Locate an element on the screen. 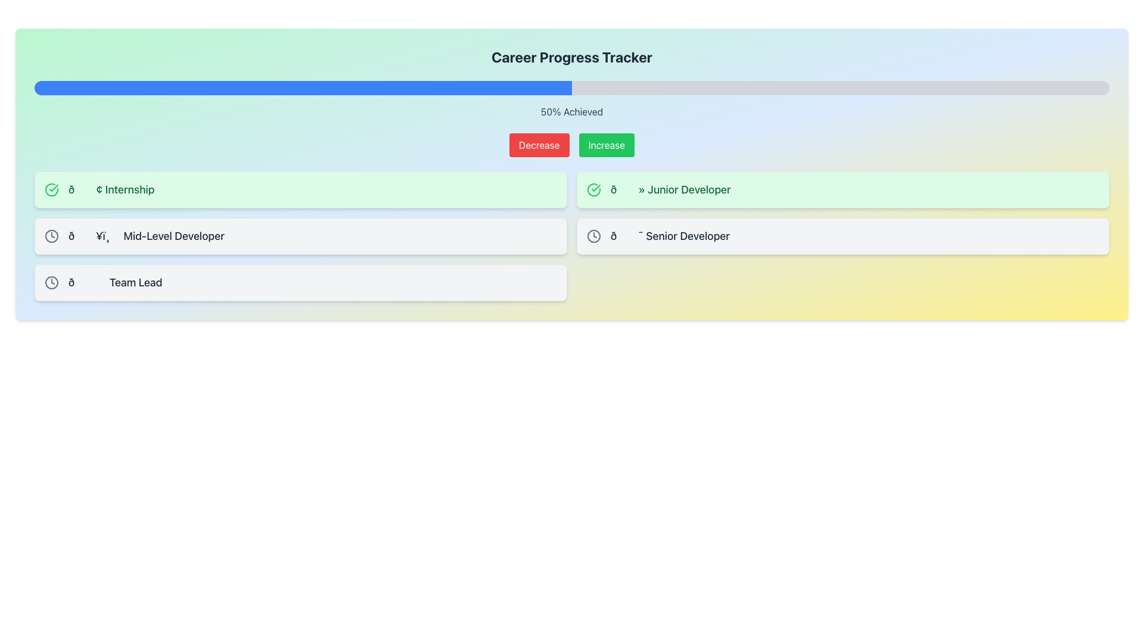  the text element reading '🏢 Internship' located in the upper part of a green-highlighted box is located at coordinates (111, 189).